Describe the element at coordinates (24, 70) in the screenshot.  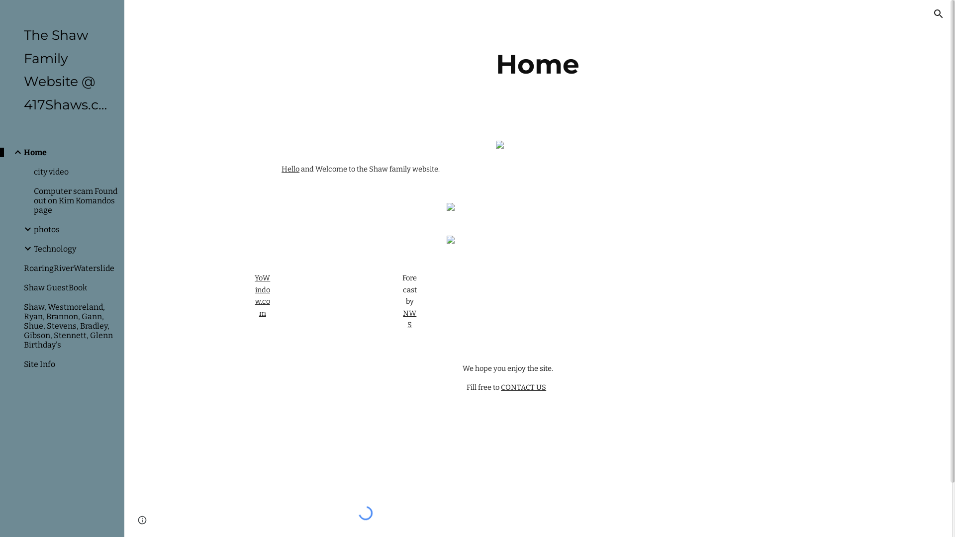
I see `'The Shaw Family Website @ 417Shaws.com'` at that location.